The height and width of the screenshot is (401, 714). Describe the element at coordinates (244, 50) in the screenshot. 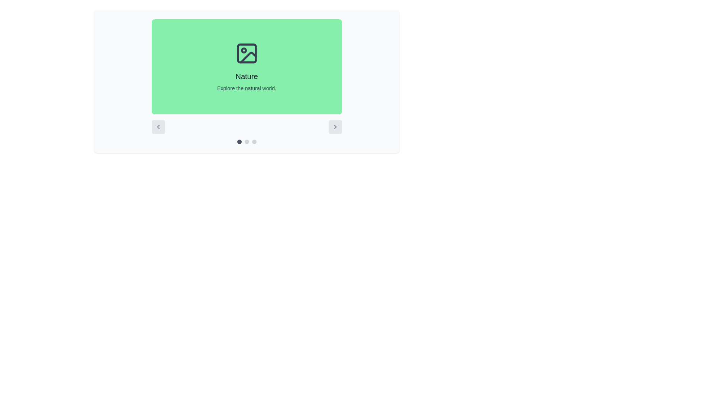

I see `the small circular shape located near the upper-left section of the pictorial icon within the green card layout` at that location.